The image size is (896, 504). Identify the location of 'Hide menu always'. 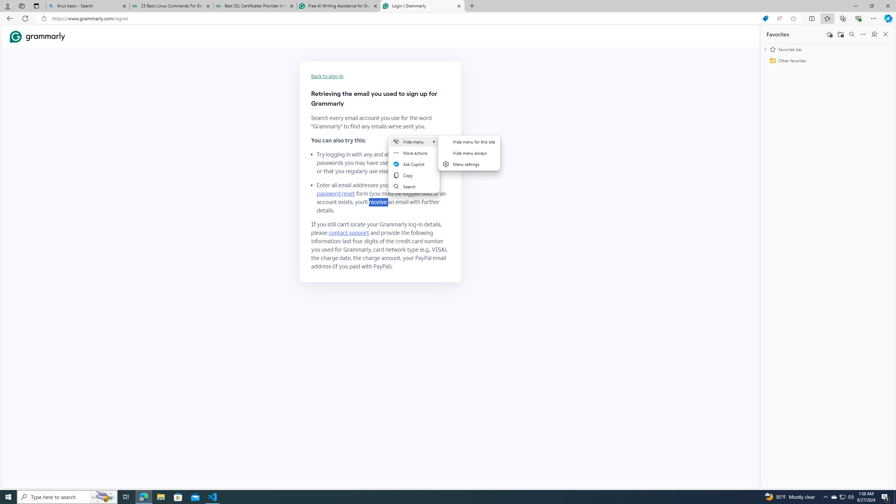
(469, 153).